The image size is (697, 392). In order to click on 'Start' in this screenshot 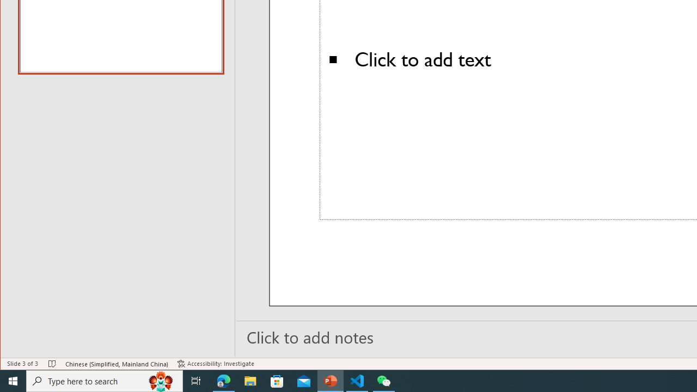, I will do `click(13, 380)`.